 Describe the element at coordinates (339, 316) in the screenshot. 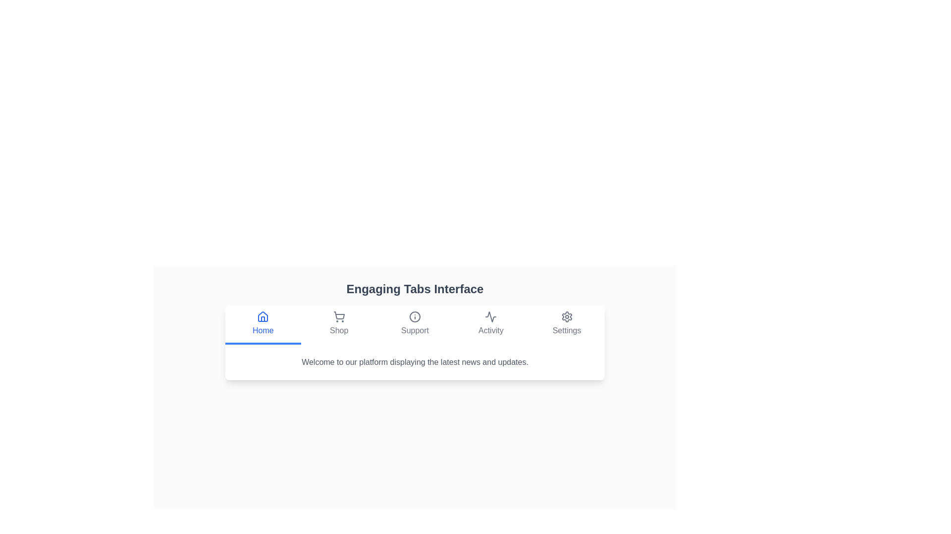

I see `the shopping cart icon located at the top center of the 'Shop' tab, which features a minimalistic outline design with clean lines and rounded edges` at that location.